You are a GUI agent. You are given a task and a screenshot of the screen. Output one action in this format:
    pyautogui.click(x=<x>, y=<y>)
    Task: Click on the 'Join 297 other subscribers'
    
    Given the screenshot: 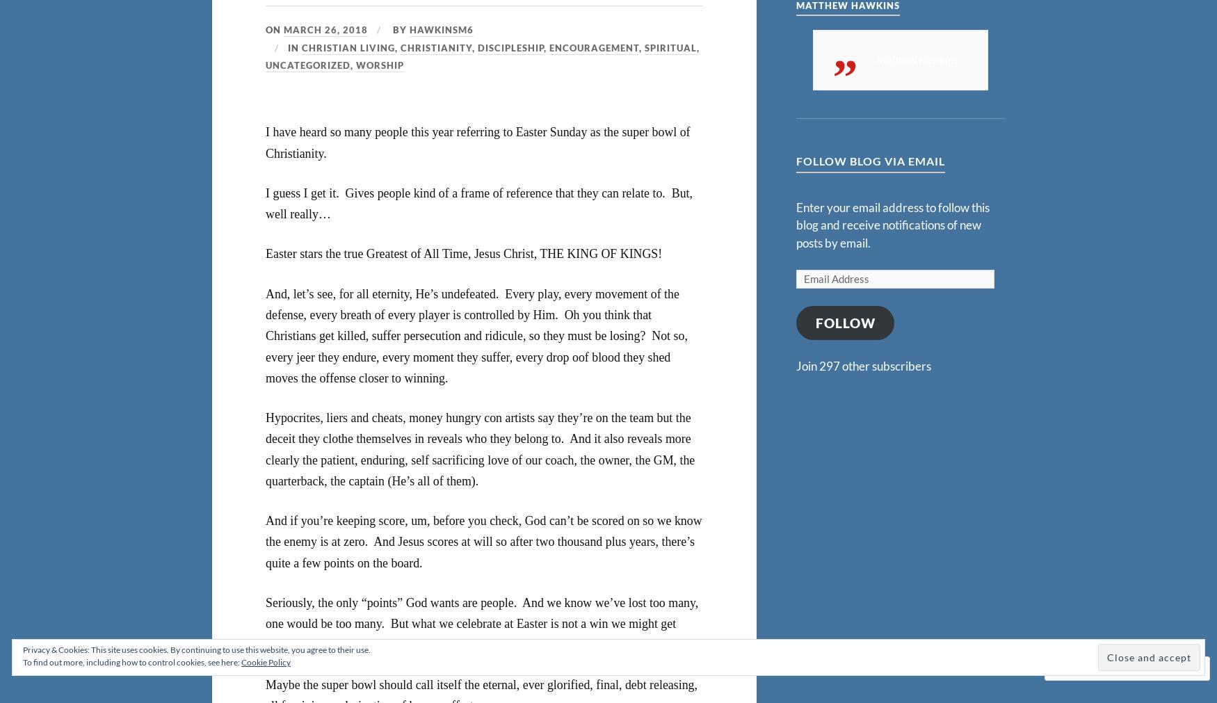 What is the action you would take?
    pyautogui.click(x=863, y=366)
    